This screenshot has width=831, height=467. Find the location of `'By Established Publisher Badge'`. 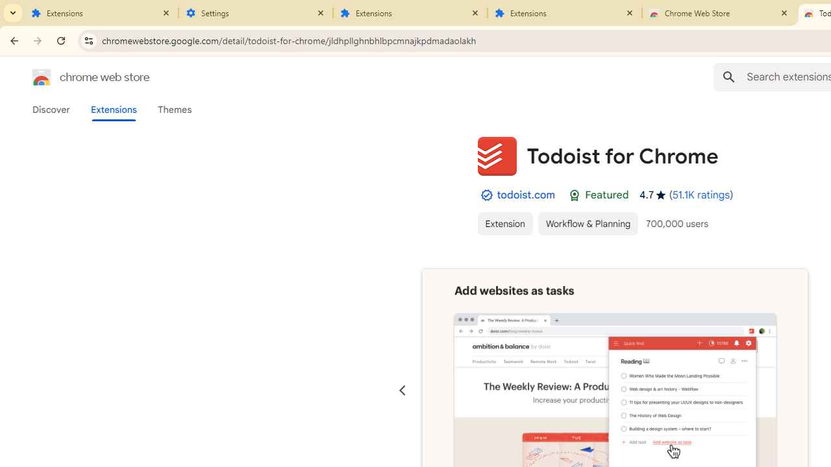

'By Established Publisher Badge' is located at coordinates (486, 195).